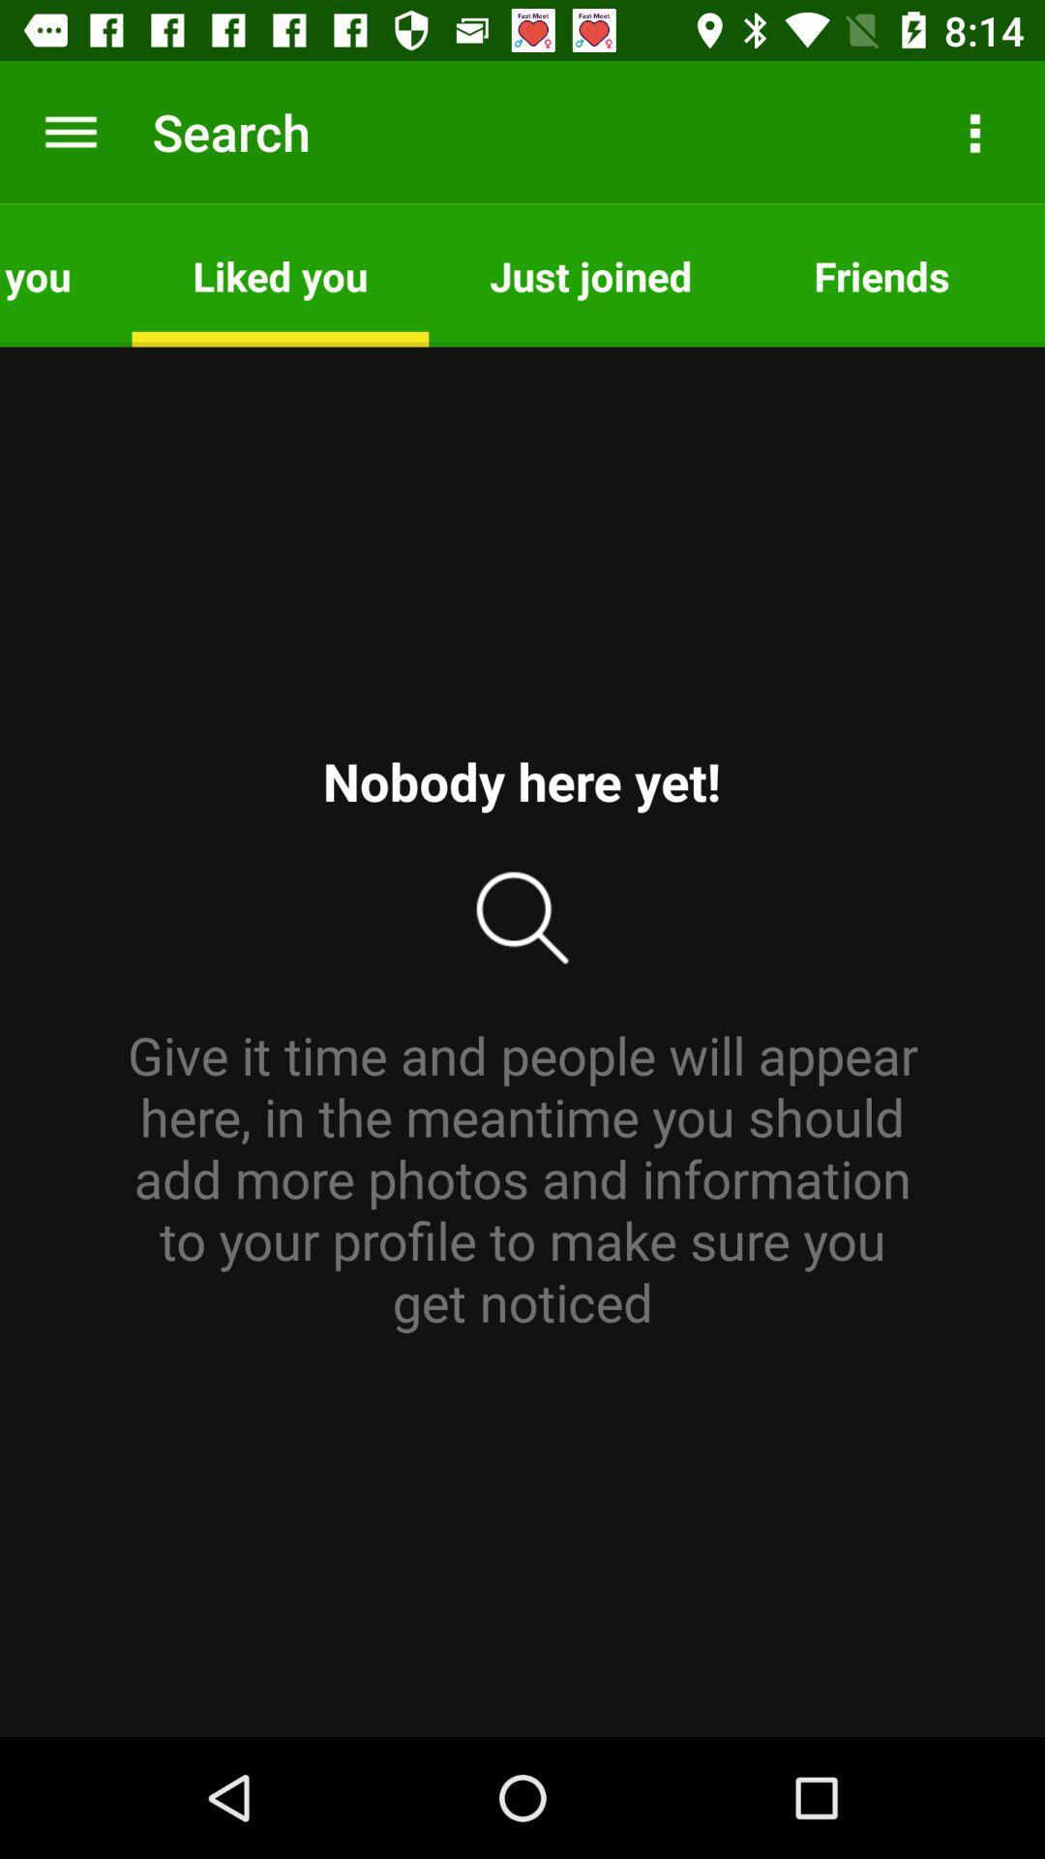 The image size is (1045, 1859). I want to click on icon next to liked you, so click(65, 274).